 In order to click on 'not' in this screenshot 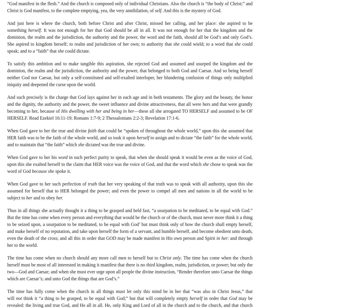, I will do `click(18, 298)`.